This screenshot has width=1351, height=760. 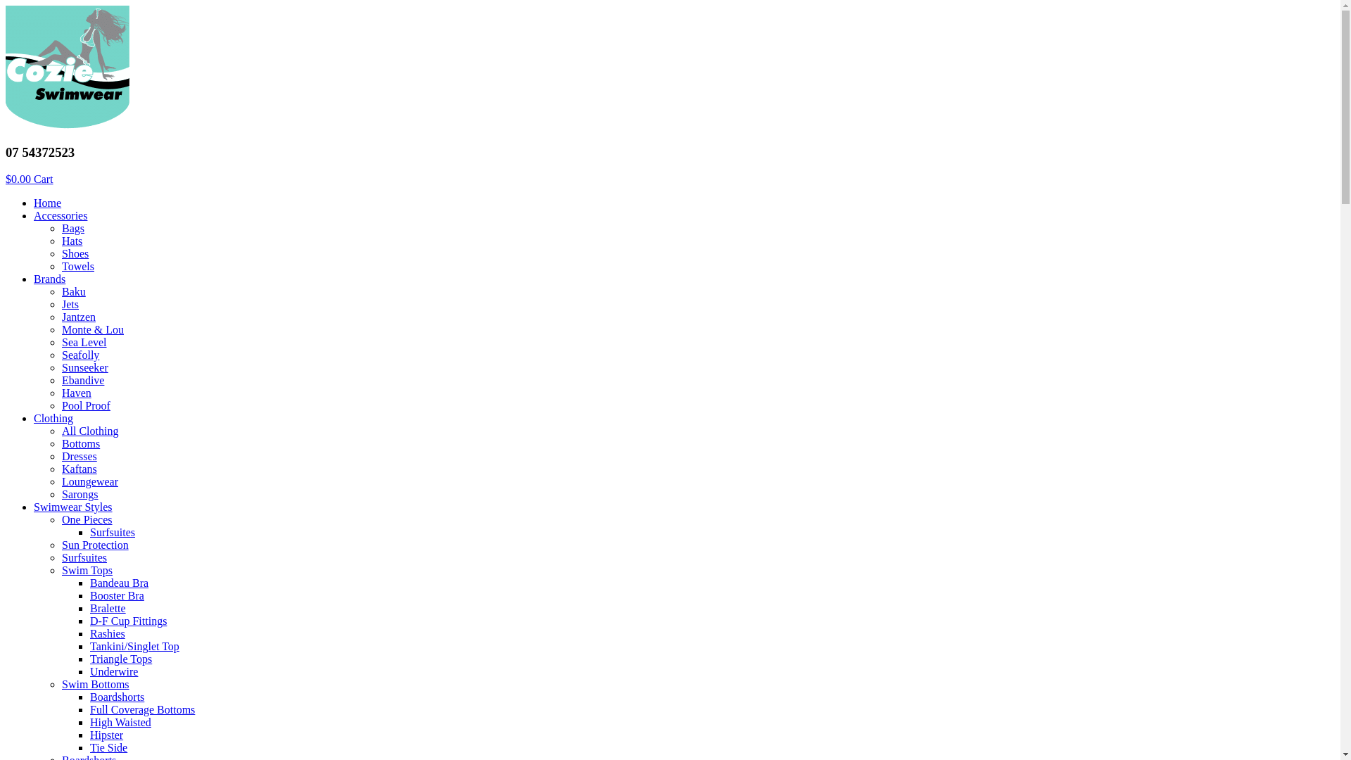 I want to click on 'Triangle Tops', so click(x=121, y=659).